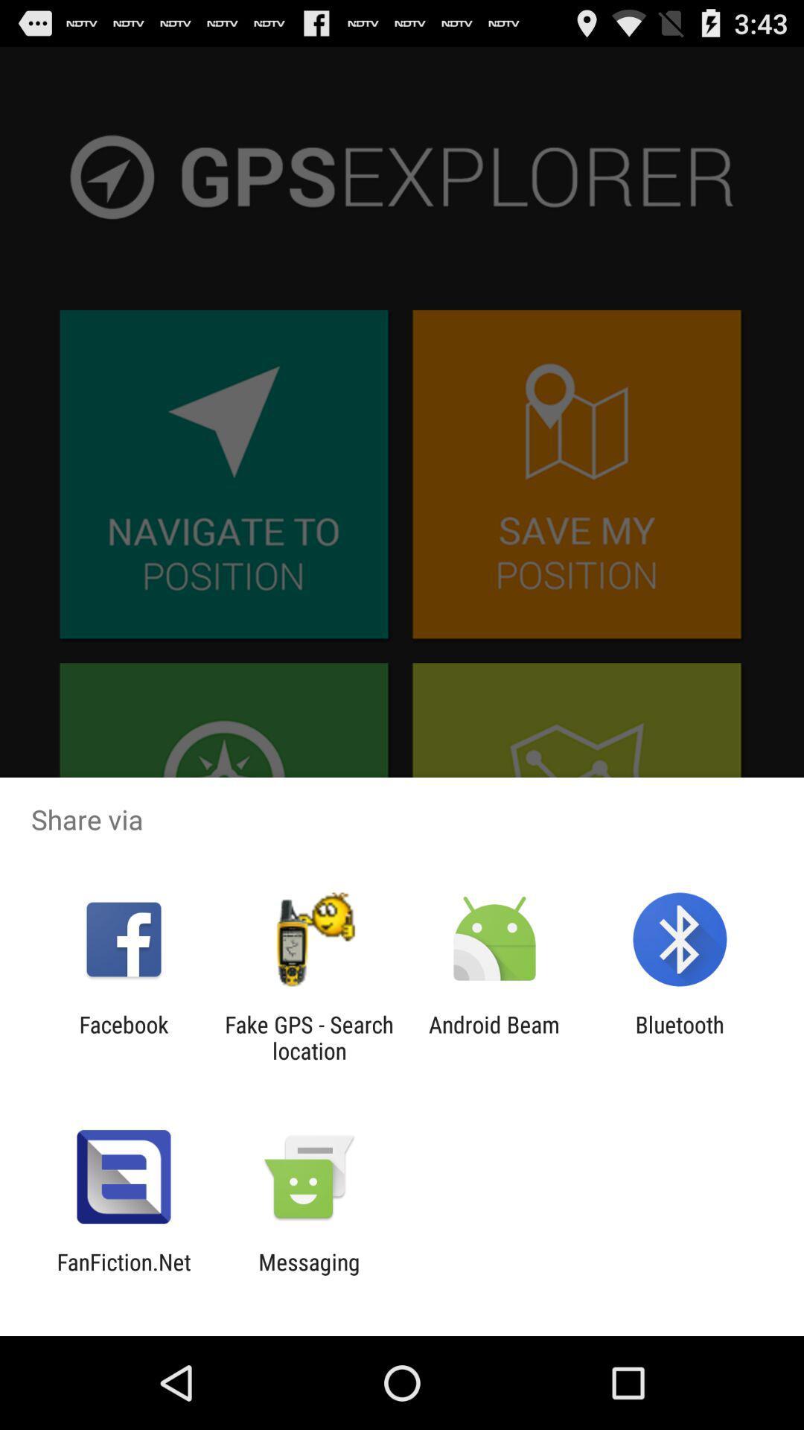  I want to click on app next to fake gps search app, so click(123, 1037).